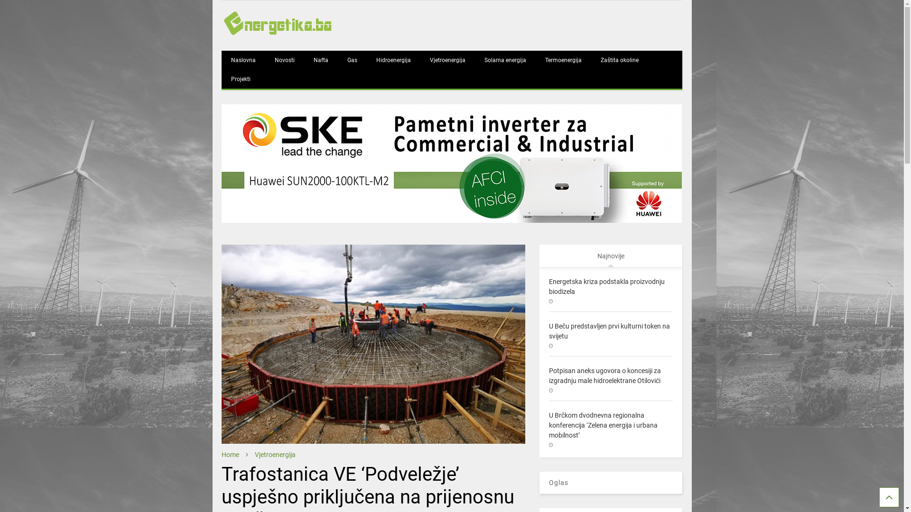  What do you see at coordinates (321, 60) in the screenshot?
I see `'Nafta'` at bounding box center [321, 60].